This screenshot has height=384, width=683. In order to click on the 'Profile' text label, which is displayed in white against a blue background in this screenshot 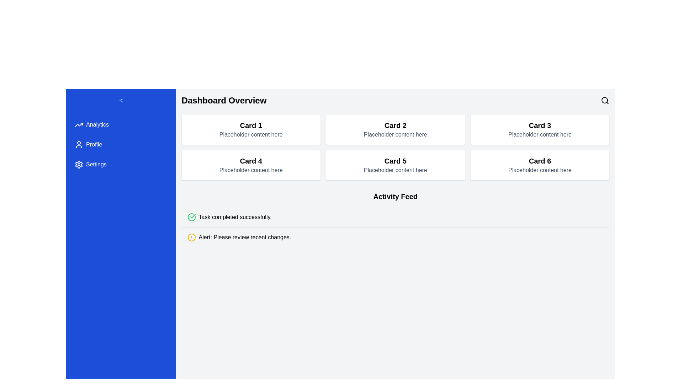, I will do `click(94, 144)`.